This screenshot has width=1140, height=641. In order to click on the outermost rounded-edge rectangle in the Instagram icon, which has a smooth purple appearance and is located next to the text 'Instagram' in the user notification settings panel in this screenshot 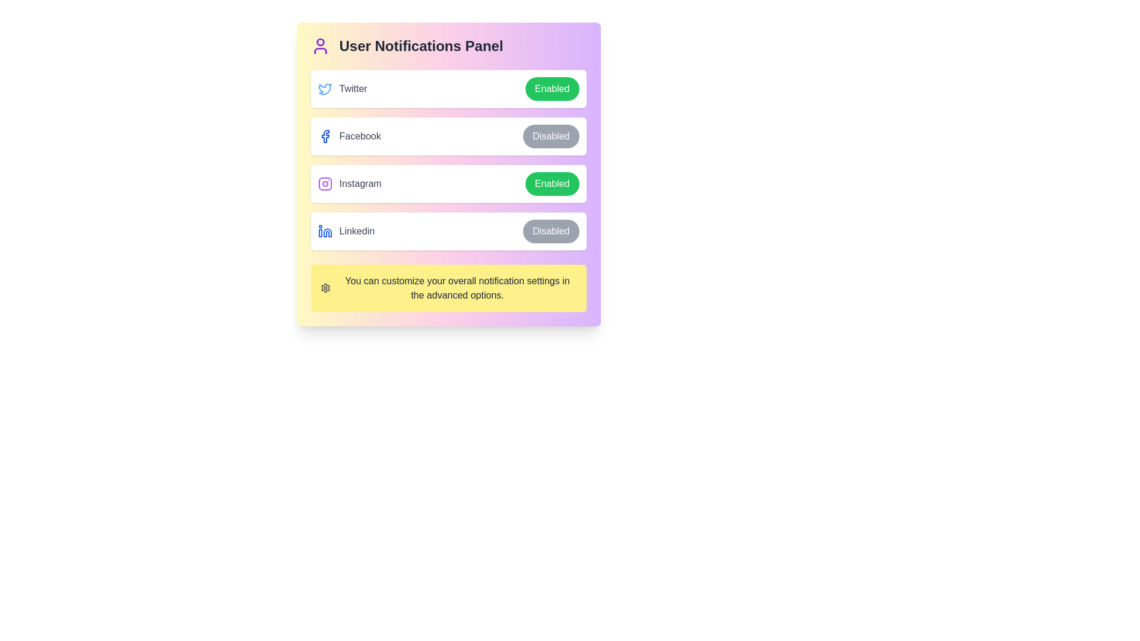, I will do `click(325, 183)`.